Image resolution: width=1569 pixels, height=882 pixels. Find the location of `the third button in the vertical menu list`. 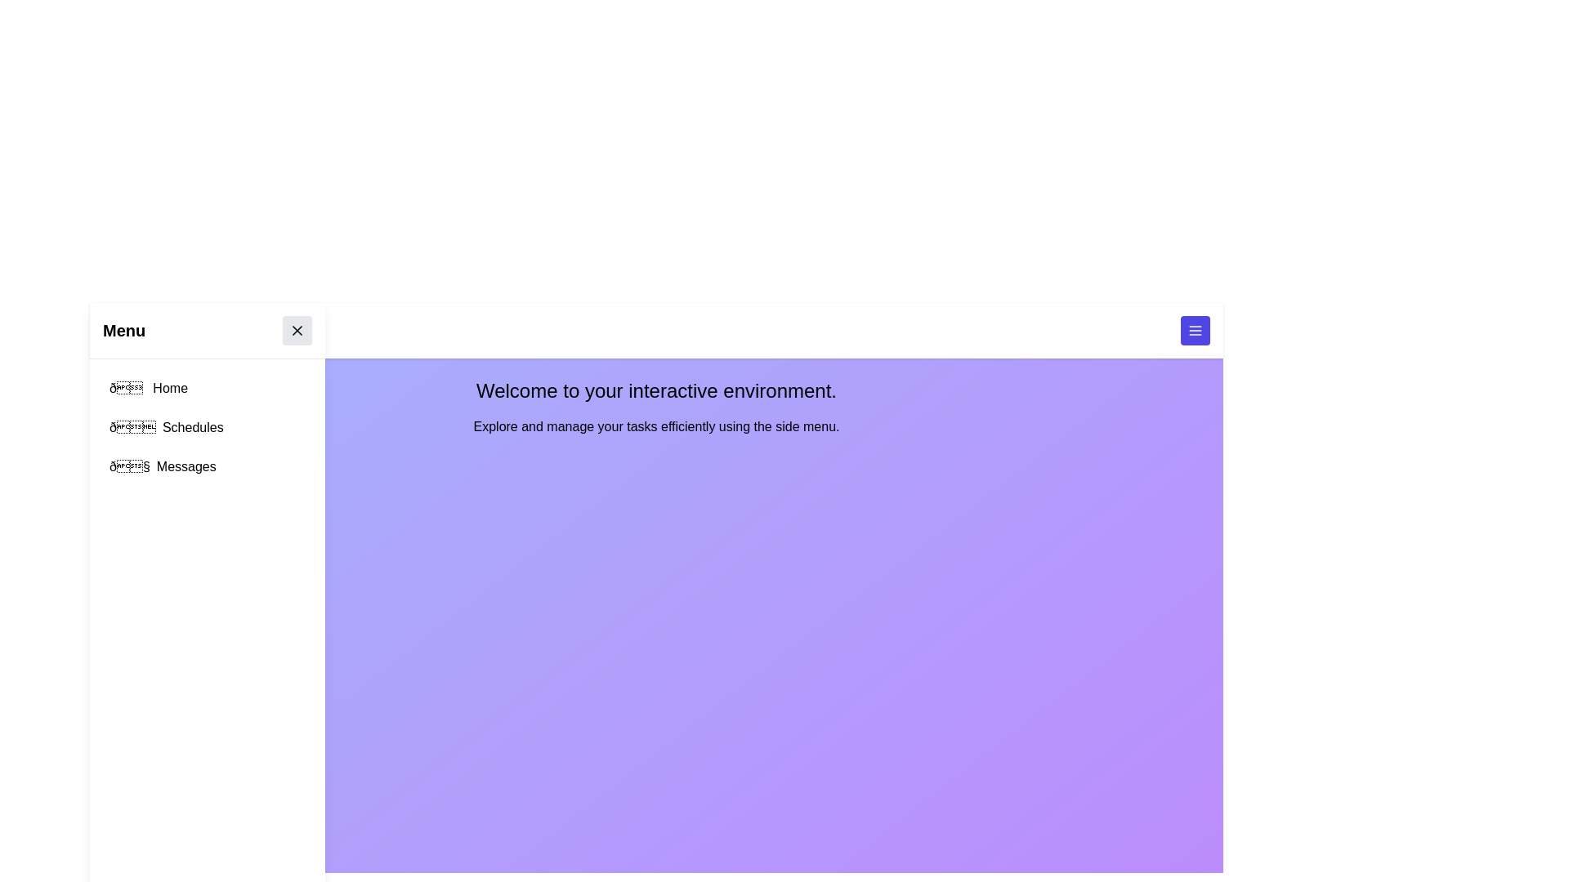

the third button in the vertical menu list is located at coordinates (207, 466).